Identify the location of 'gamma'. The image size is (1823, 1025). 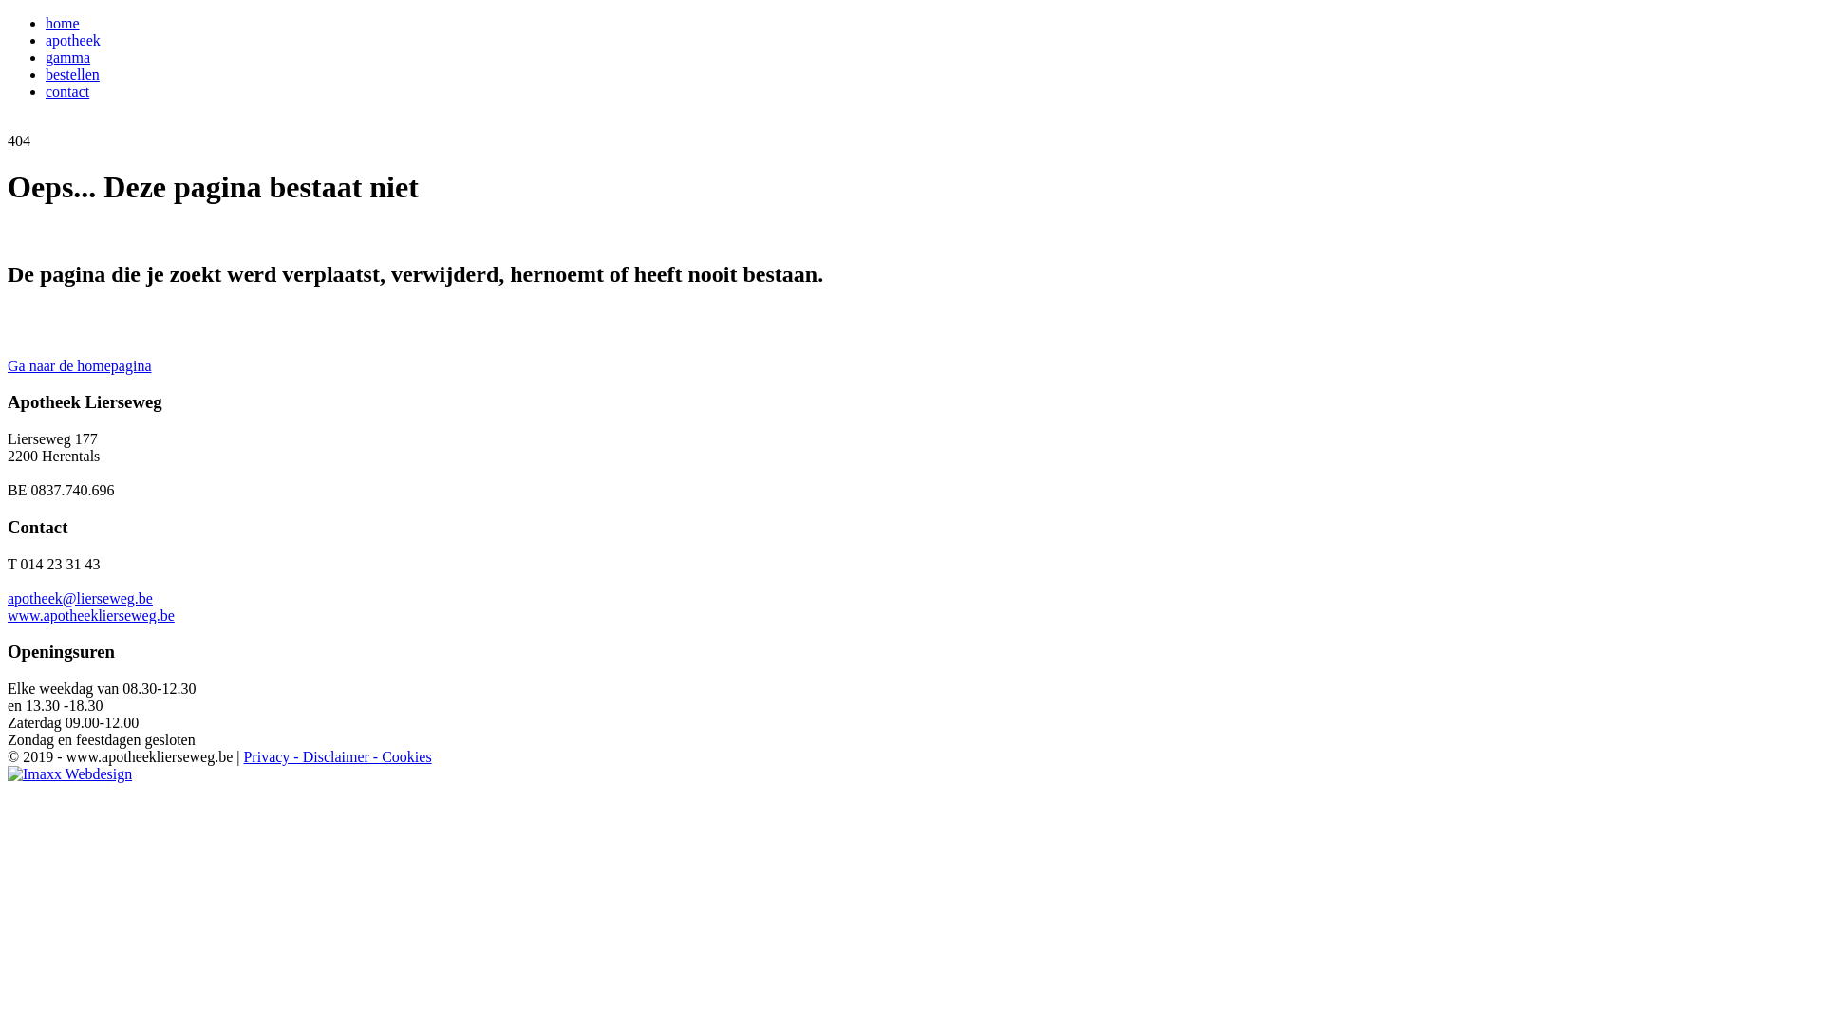
(67, 56).